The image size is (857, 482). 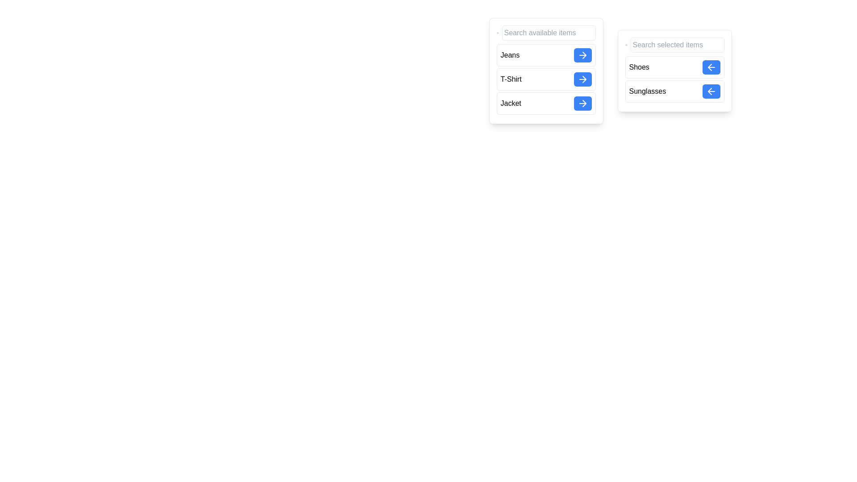 I want to click on the list item representing 'Jeans', which is the first entry in a vertical list, so click(x=545, y=55).